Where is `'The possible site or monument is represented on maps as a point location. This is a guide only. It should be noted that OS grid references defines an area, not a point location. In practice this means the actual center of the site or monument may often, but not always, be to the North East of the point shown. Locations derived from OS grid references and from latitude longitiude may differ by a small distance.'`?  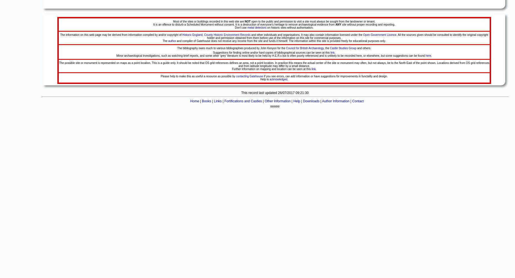
'The possible site or monument is represented on maps as a point location. This is a guide only. It should be noted that OS grid references defines an area, not a point location. In practice this means the actual center of the site or monument may often, but not always, be to the North East of the point shown. Locations derived from OS grid references and from latitude longitiude may differ by a small distance.' is located at coordinates (274, 64).